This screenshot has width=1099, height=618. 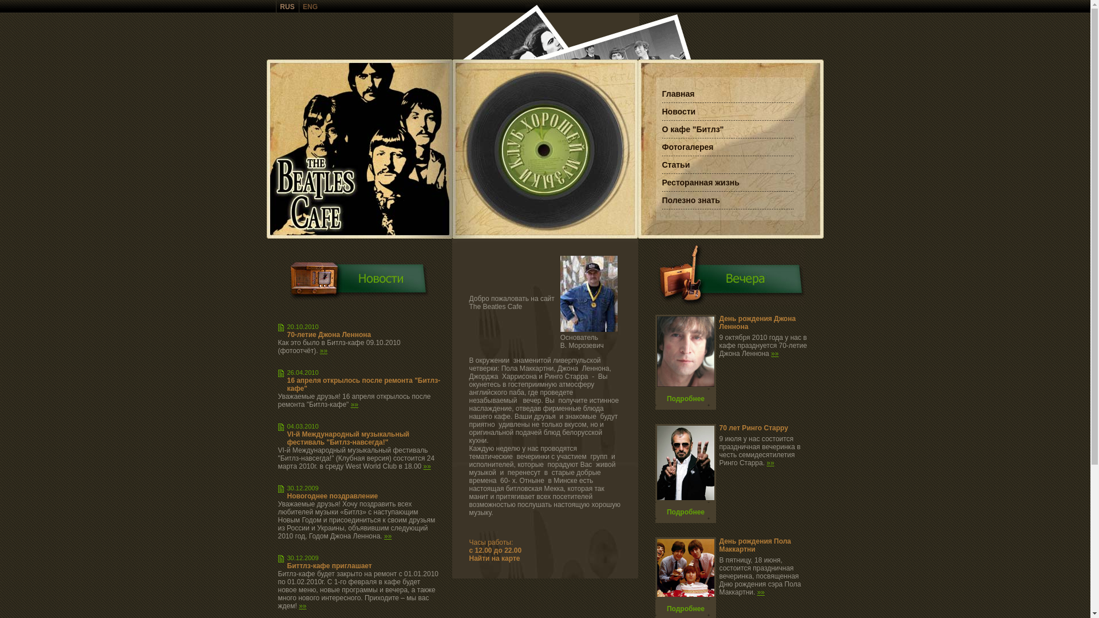 I want to click on '20.10.2010', so click(x=287, y=326).